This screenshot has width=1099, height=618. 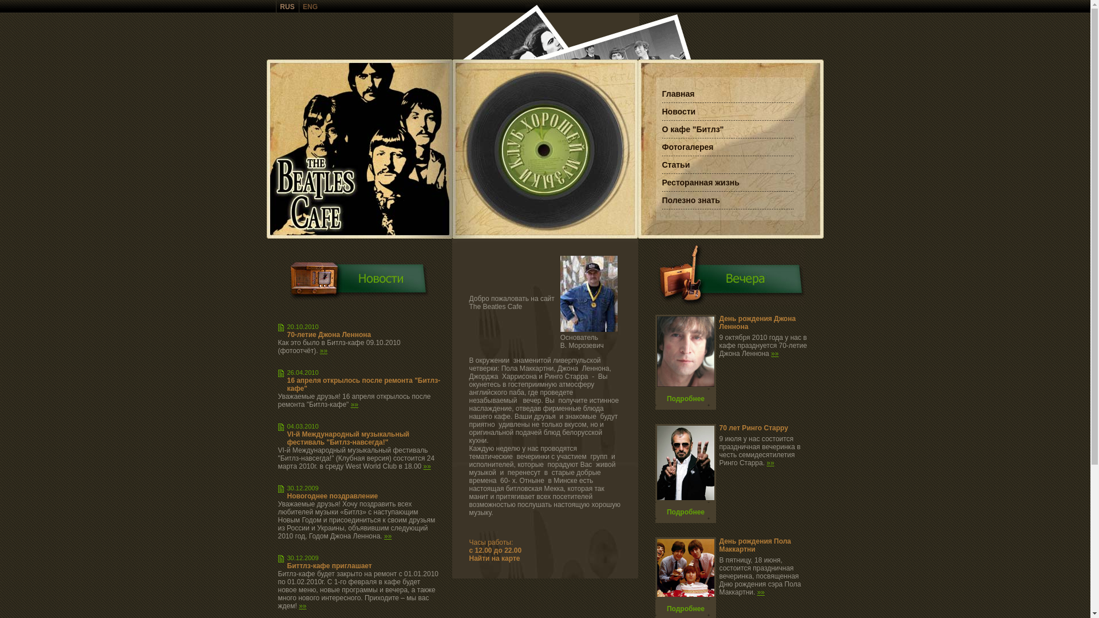 I want to click on '20.10.2010', so click(x=287, y=326).